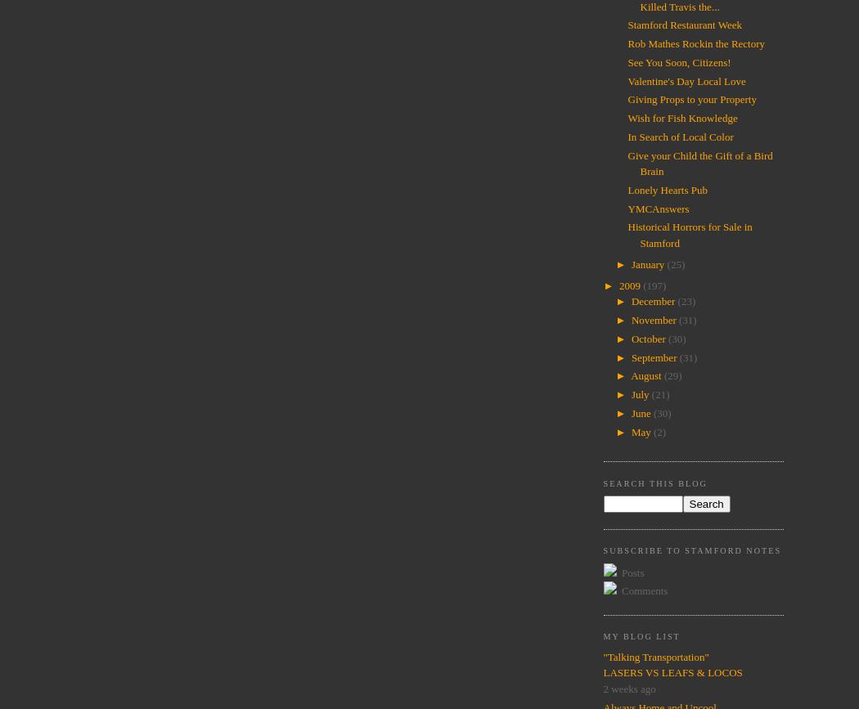 The width and height of the screenshot is (859, 709). Describe the element at coordinates (627, 163) in the screenshot. I see `'Give your Child the Gift of a Bird Brain'` at that location.